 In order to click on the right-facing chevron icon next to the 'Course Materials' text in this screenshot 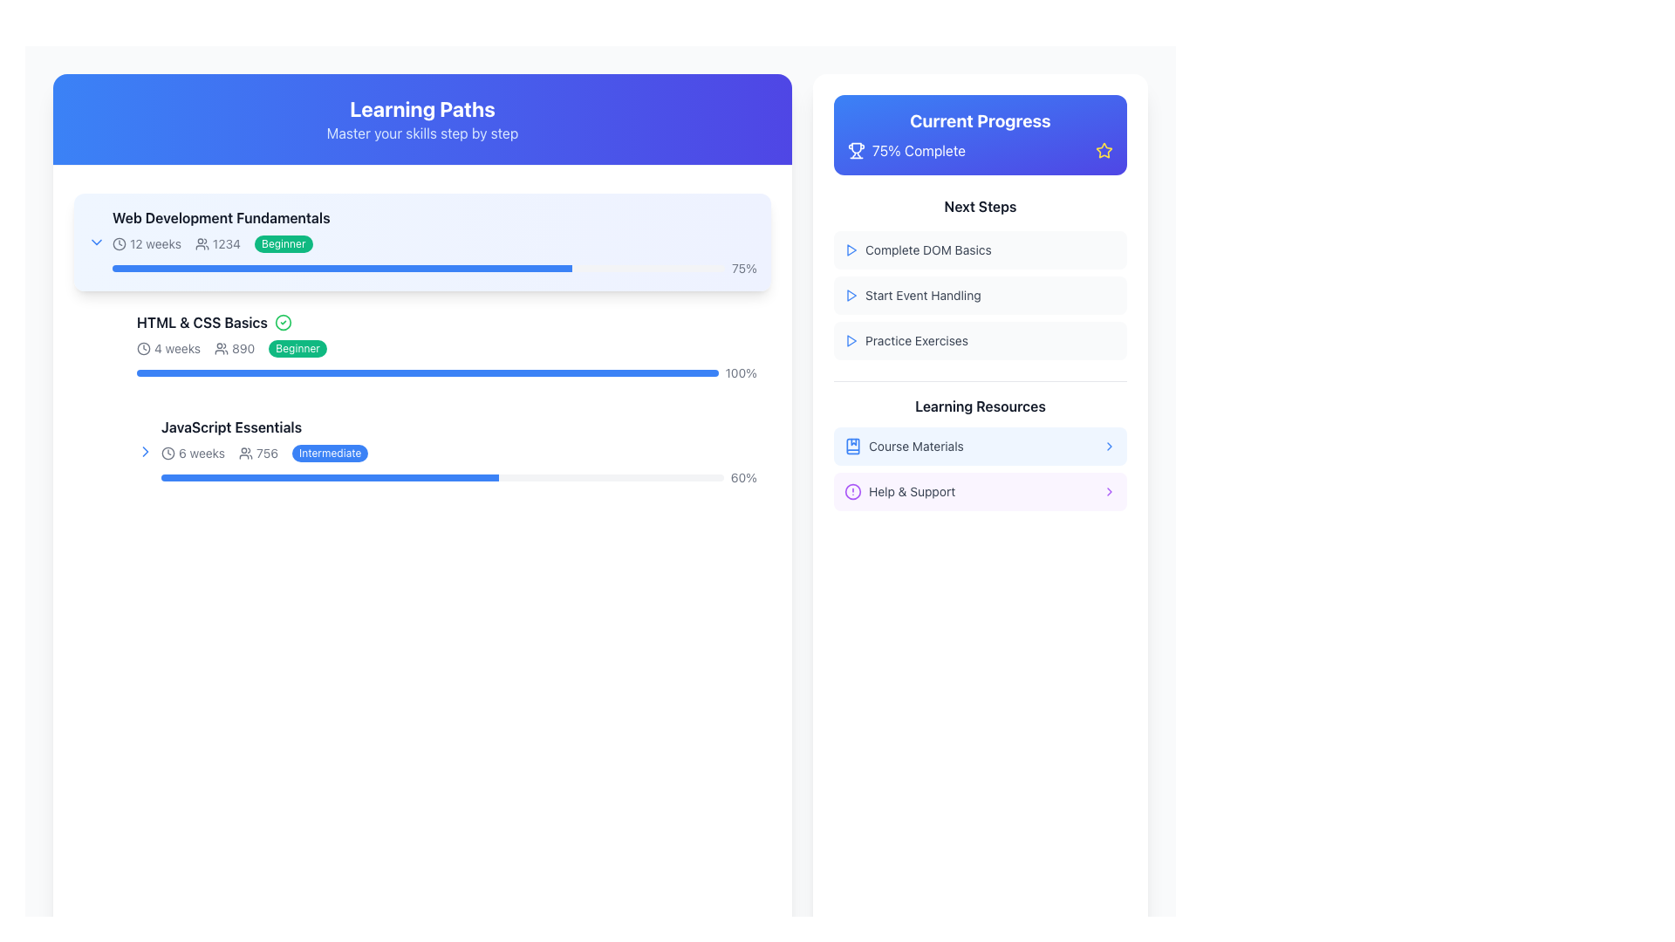, I will do `click(1109, 446)`.